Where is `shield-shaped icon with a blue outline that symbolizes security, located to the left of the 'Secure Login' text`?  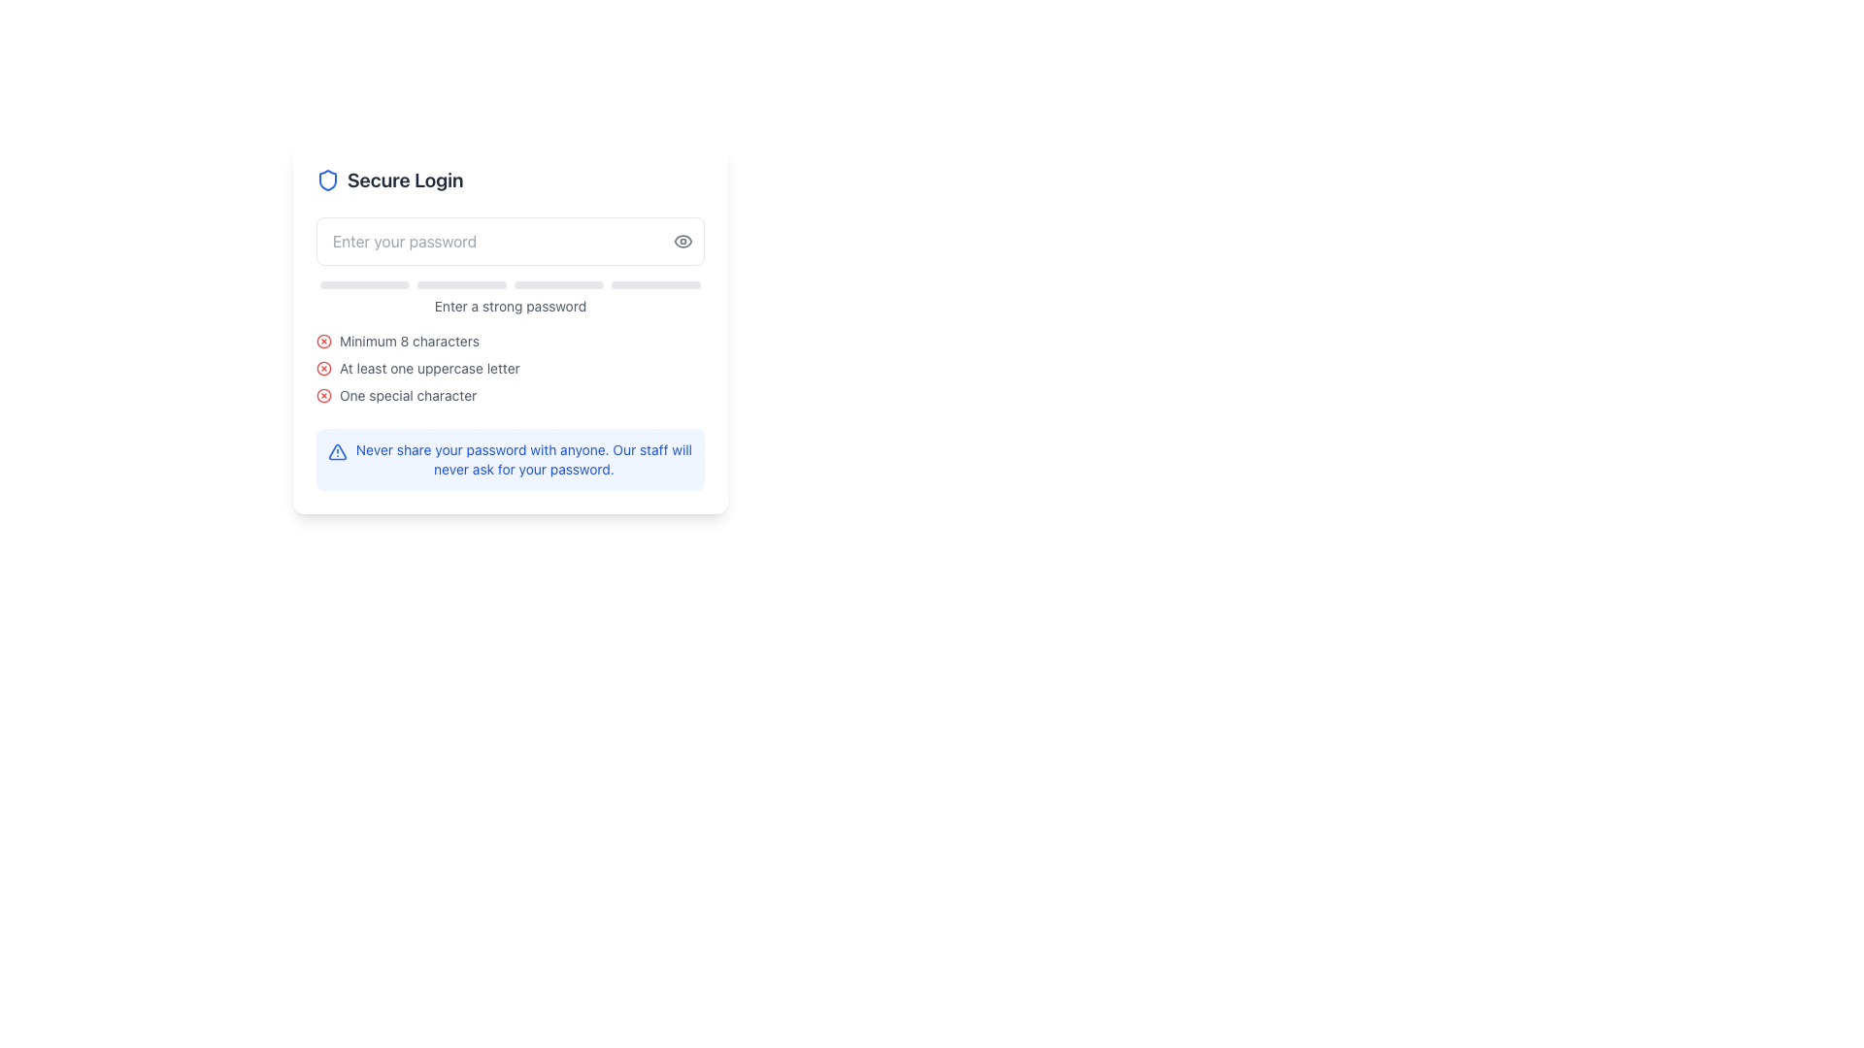 shield-shaped icon with a blue outline that symbolizes security, located to the left of the 'Secure Login' text is located at coordinates (327, 180).